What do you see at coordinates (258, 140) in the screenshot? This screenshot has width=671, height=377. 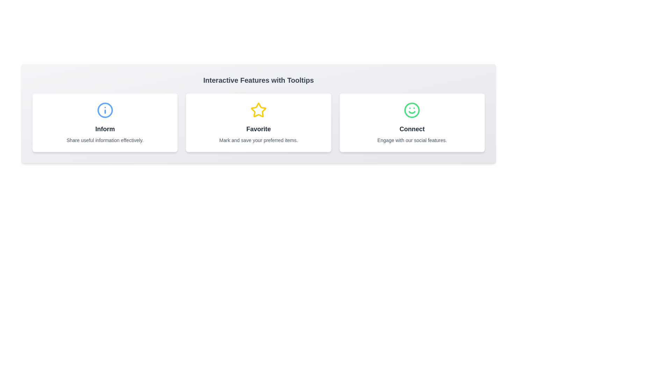 I see `the descriptive text located at the bottom of the 'Favorite' card, which clarifies the functionality and use case of the 'Favorite' feature` at bounding box center [258, 140].